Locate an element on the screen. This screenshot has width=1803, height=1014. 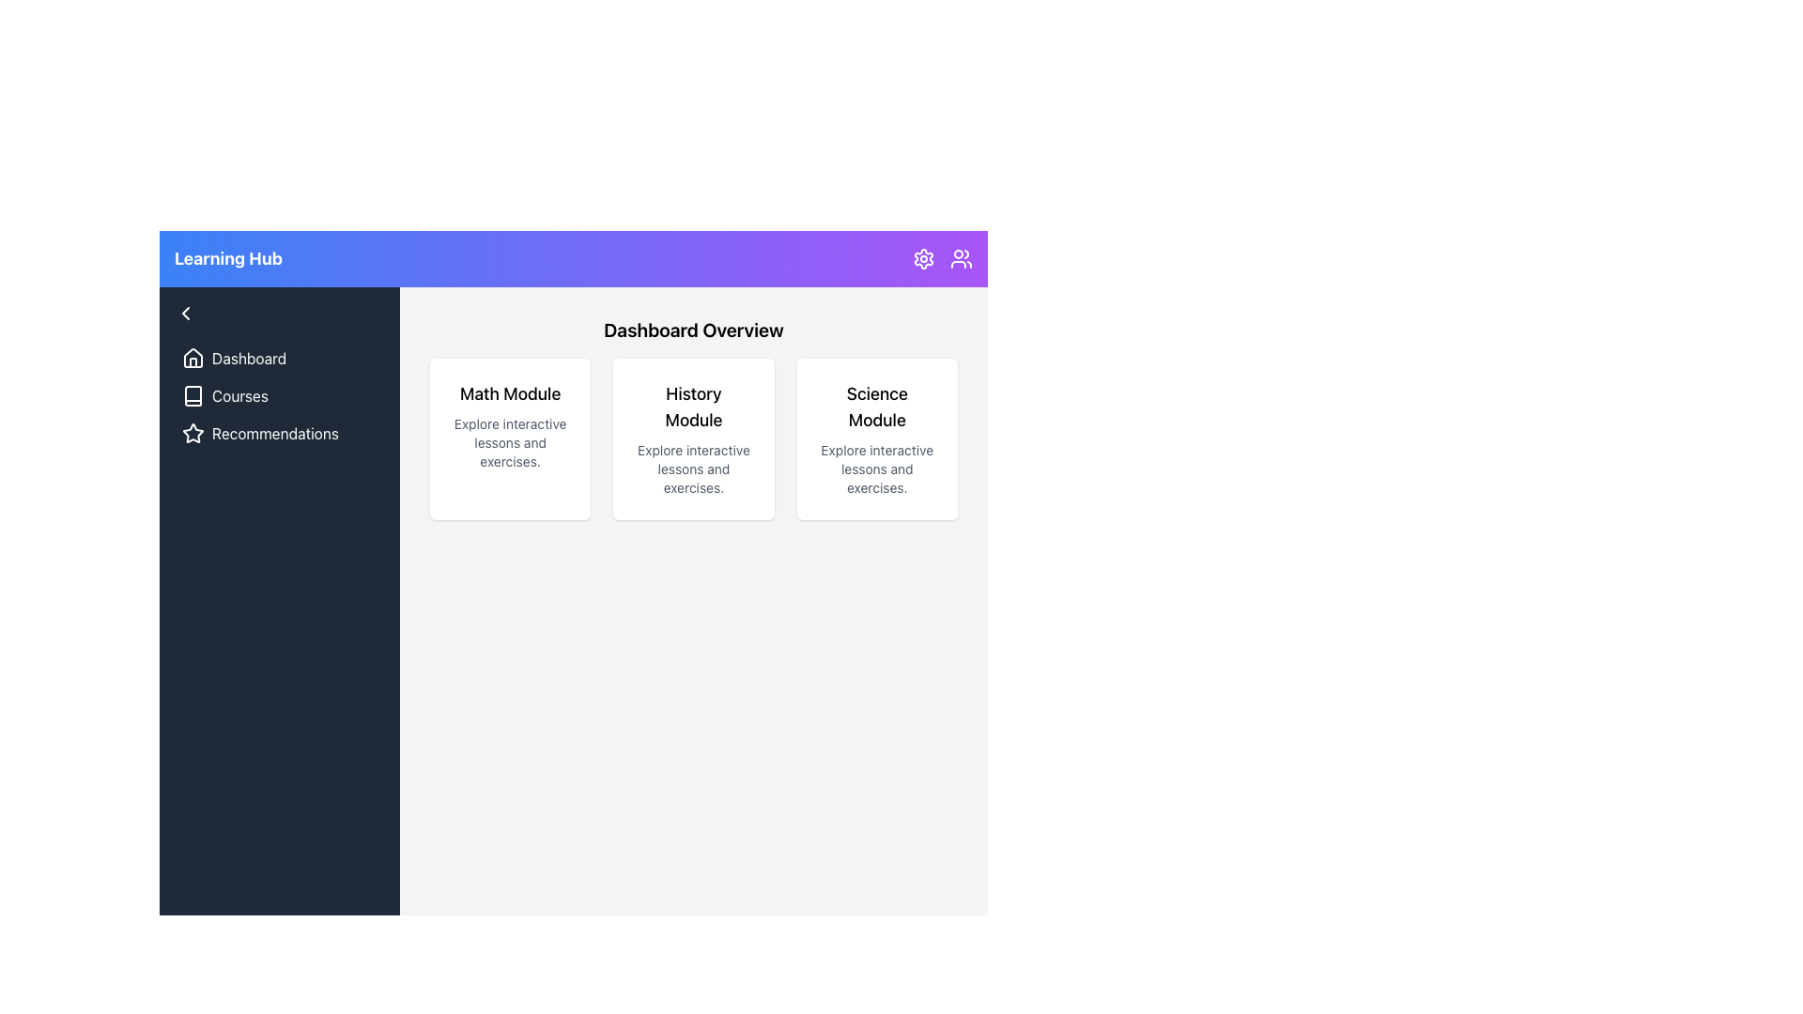
the leftmost informational card in the Dashboard Overview section is located at coordinates (510, 438).